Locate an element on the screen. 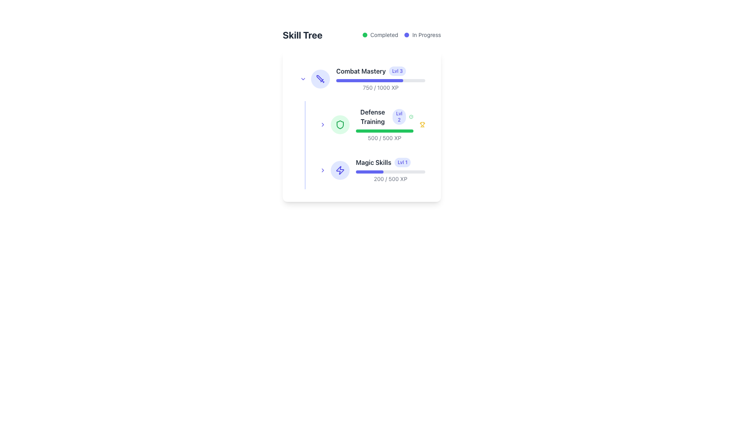  the 'Magic Skills' label which is displayed in bold dark gray font, located above a progress bar in the skill tree interface is located at coordinates (373, 162).